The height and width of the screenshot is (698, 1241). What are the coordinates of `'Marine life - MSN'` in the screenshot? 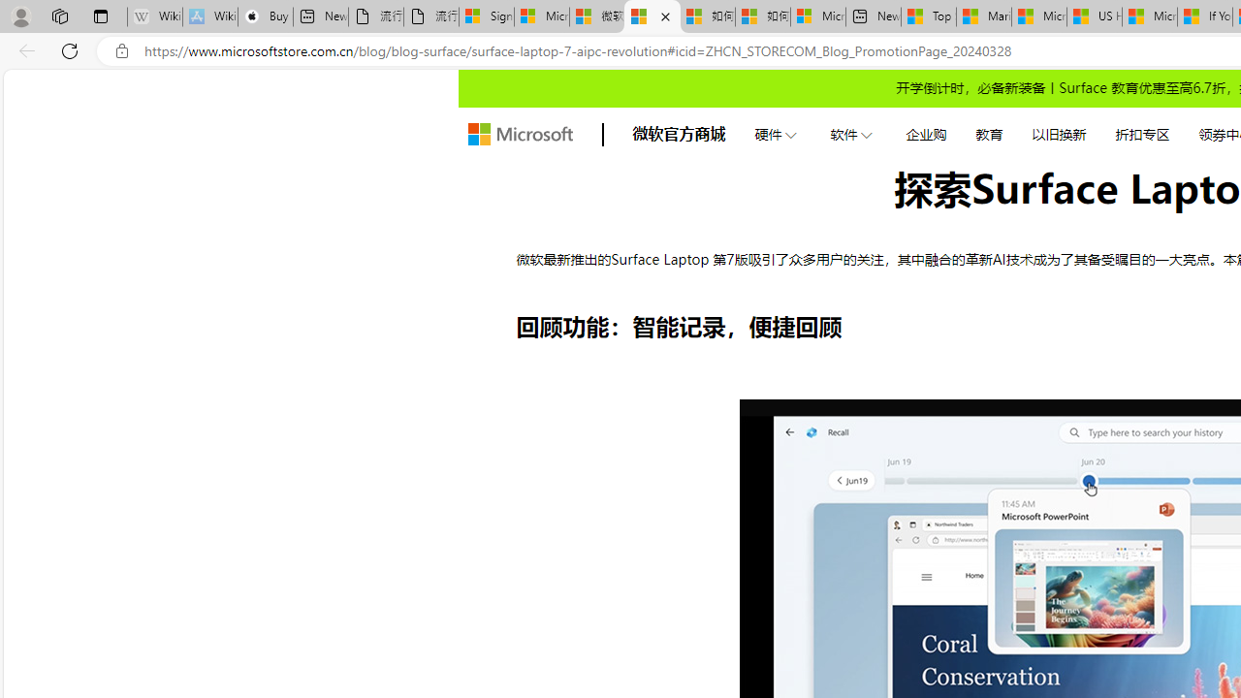 It's located at (984, 16).